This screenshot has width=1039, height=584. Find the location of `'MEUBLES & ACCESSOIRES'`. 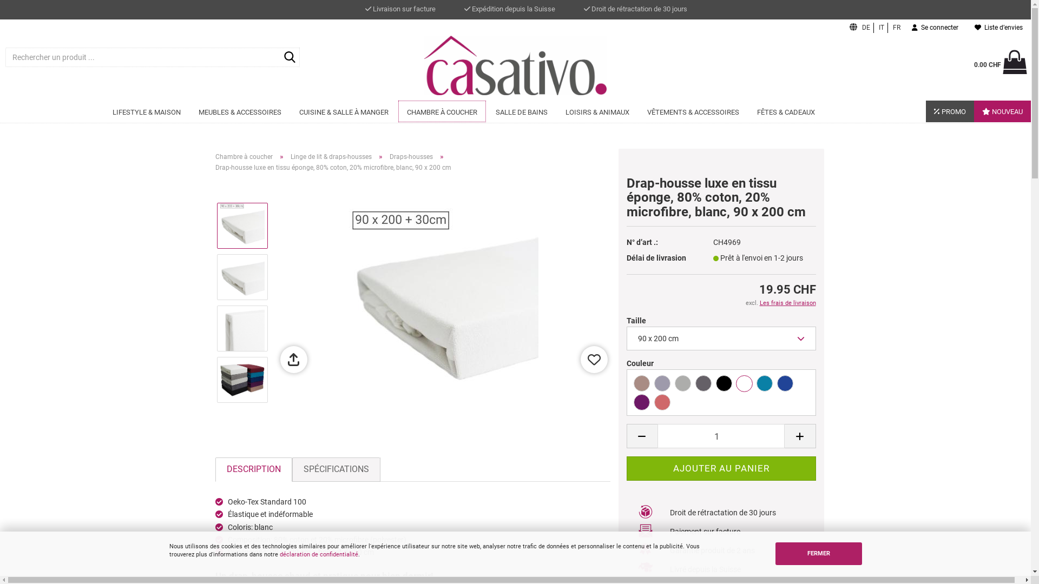

'MEUBLES & ACCESSOIRES' is located at coordinates (239, 112).